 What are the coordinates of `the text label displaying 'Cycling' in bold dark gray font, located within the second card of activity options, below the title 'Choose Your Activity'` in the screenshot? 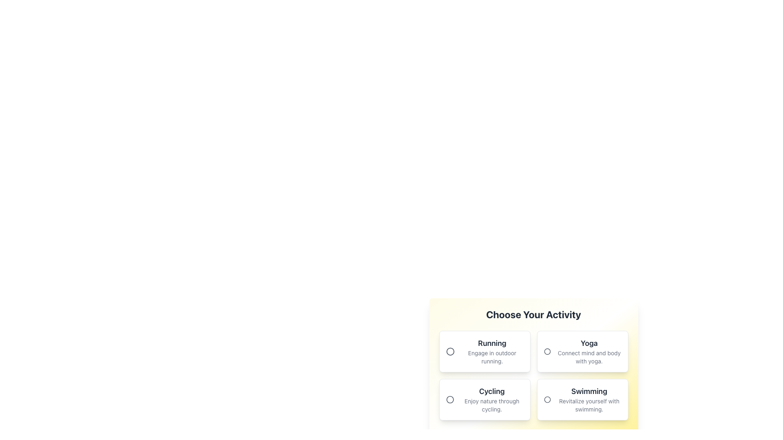 It's located at (491, 391).